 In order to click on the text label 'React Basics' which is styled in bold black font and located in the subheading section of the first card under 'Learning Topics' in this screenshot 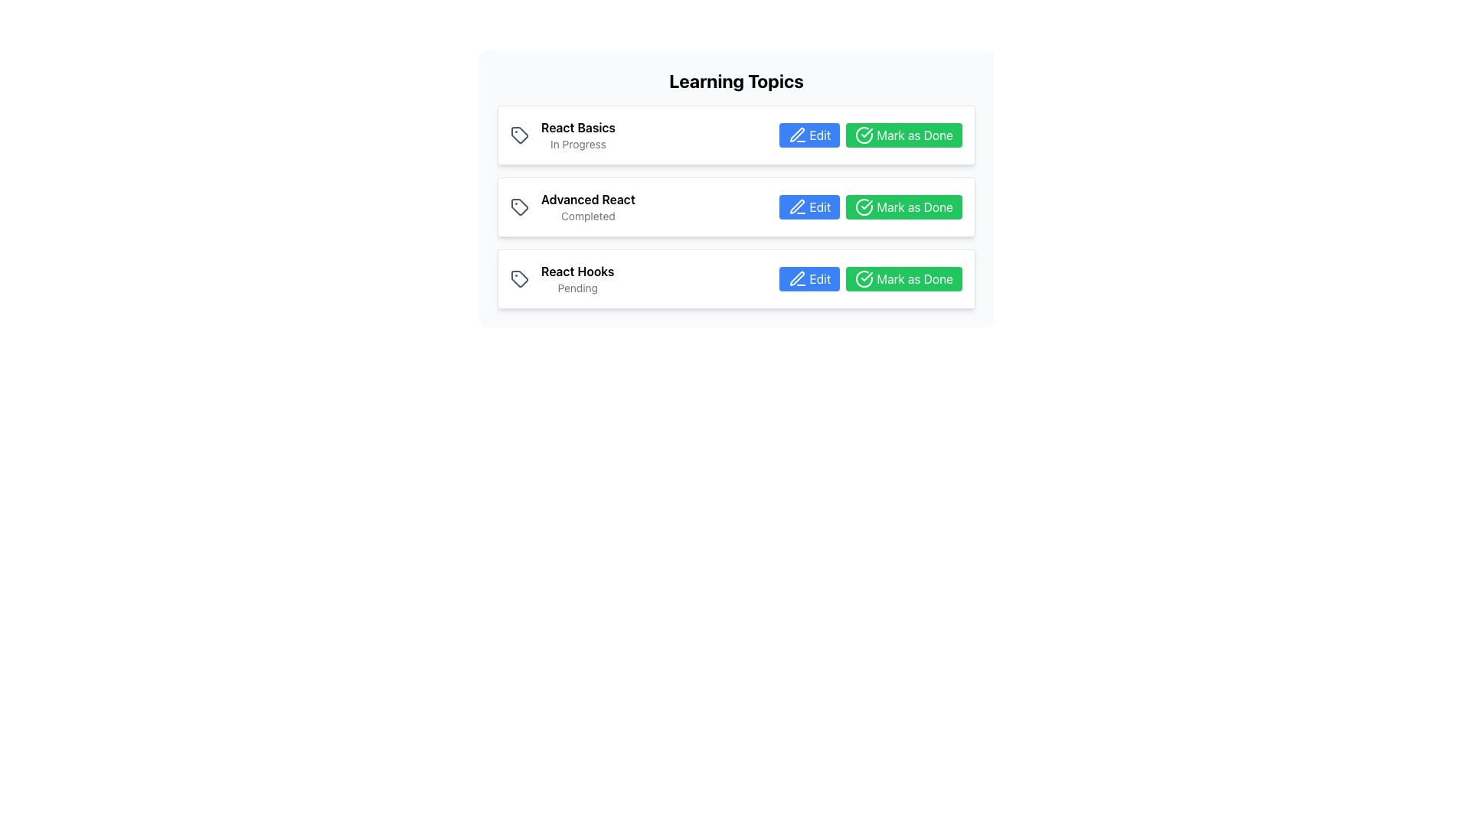, I will do `click(577, 126)`.